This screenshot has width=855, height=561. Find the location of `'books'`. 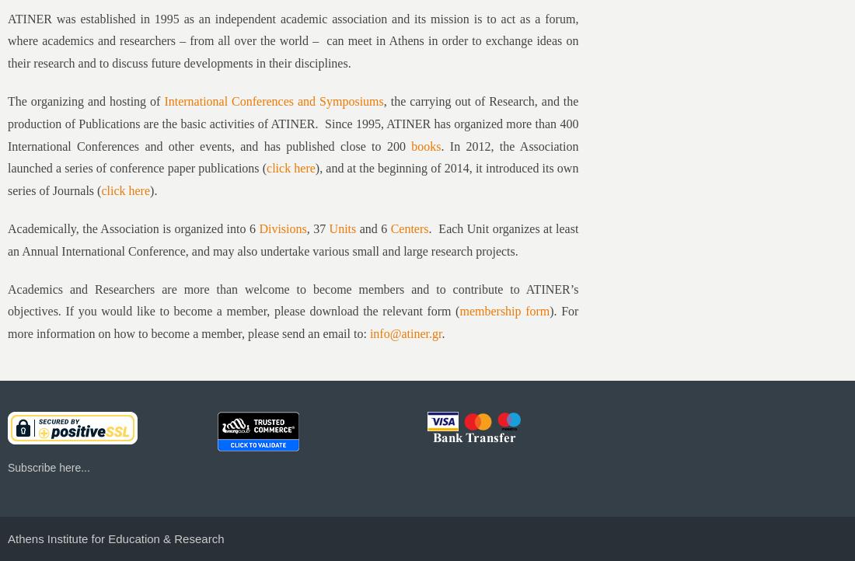

'books' is located at coordinates (426, 145).